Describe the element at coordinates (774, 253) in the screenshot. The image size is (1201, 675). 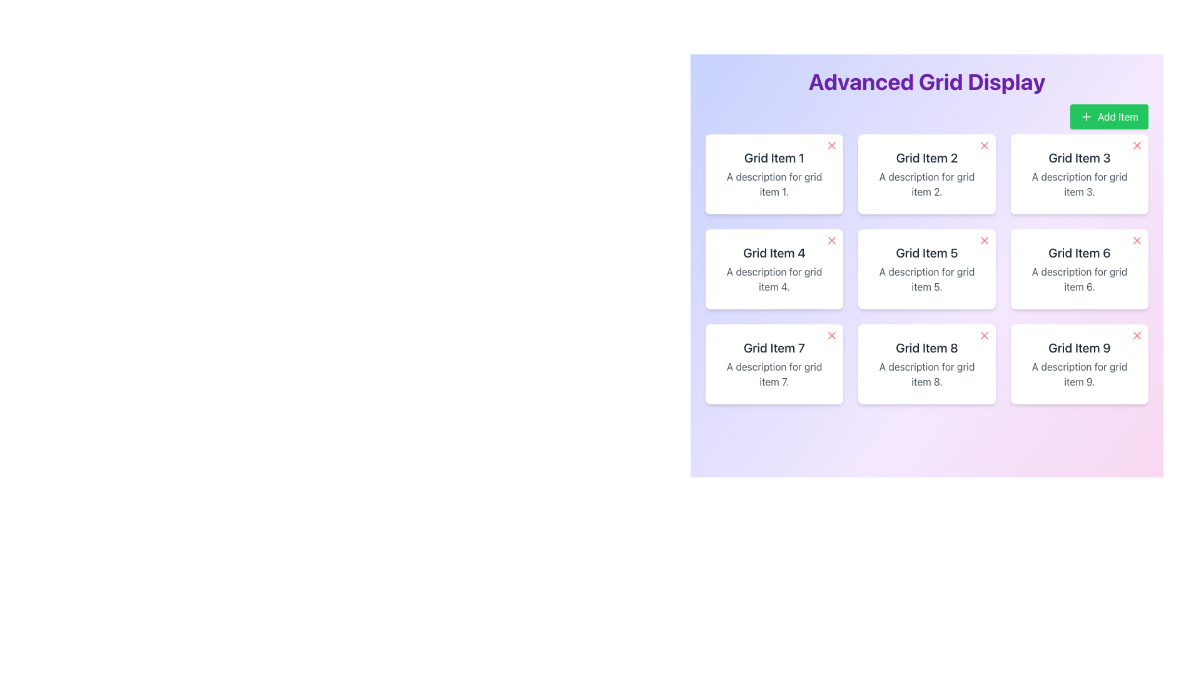
I see `the Text Label element that serves as a title for the card, located in the second column of the second row of the grid layout` at that location.